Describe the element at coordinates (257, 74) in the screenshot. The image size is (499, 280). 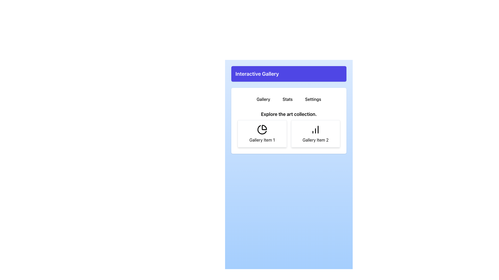
I see `the text label located at the top of the interface, which serves as a heading or title within a purple header bar` at that location.